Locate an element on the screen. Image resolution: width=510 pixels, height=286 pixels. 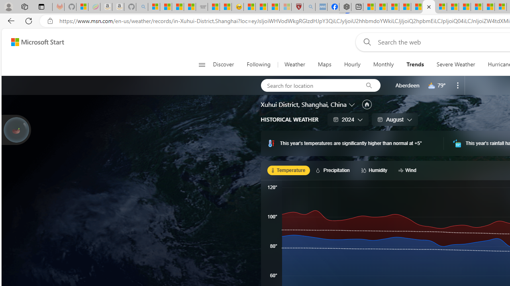
'Robert H. Shmerling, MD - Harvard Health' is located at coordinates (297, 7).